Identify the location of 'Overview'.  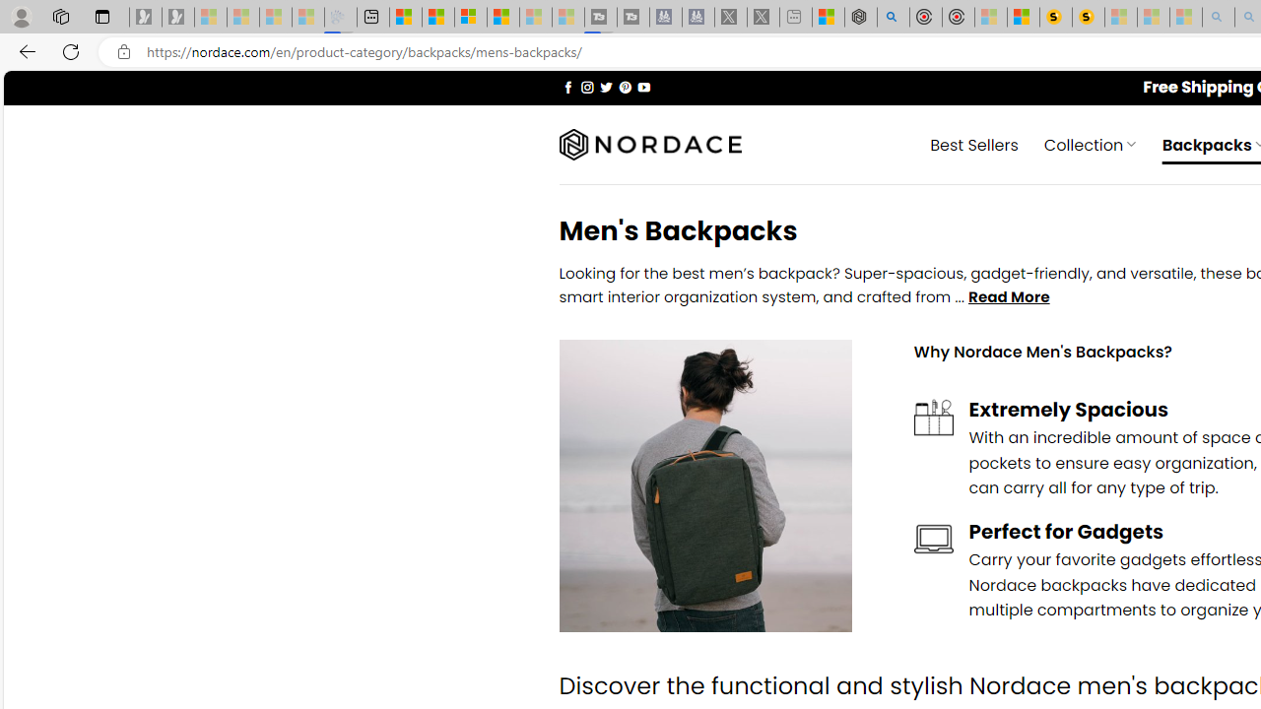
(470, 17).